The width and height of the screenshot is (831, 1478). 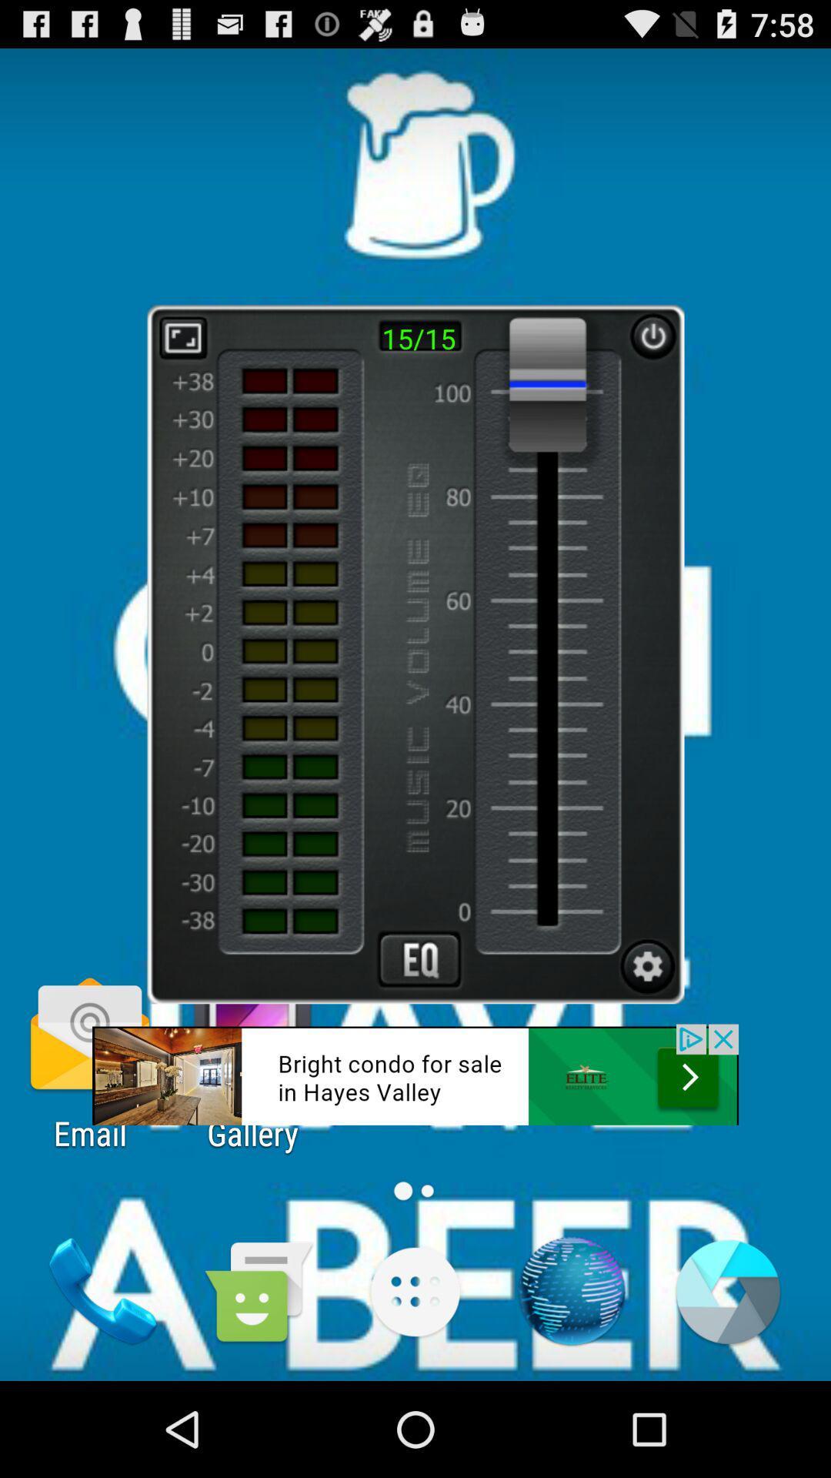 What do you see at coordinates (419, 958) in the screenshot?
I see `advertisement page` at bounding box center [419, 958].